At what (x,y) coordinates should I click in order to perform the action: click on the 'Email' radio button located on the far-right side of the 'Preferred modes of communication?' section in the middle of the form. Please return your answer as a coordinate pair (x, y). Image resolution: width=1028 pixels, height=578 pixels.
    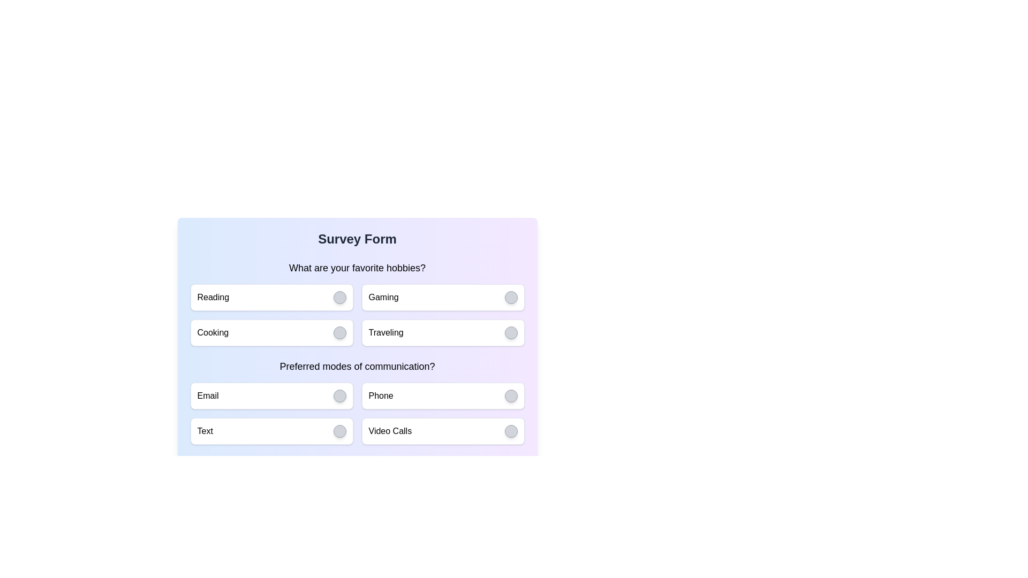
    Looking at the image, I should click on (339, 396).